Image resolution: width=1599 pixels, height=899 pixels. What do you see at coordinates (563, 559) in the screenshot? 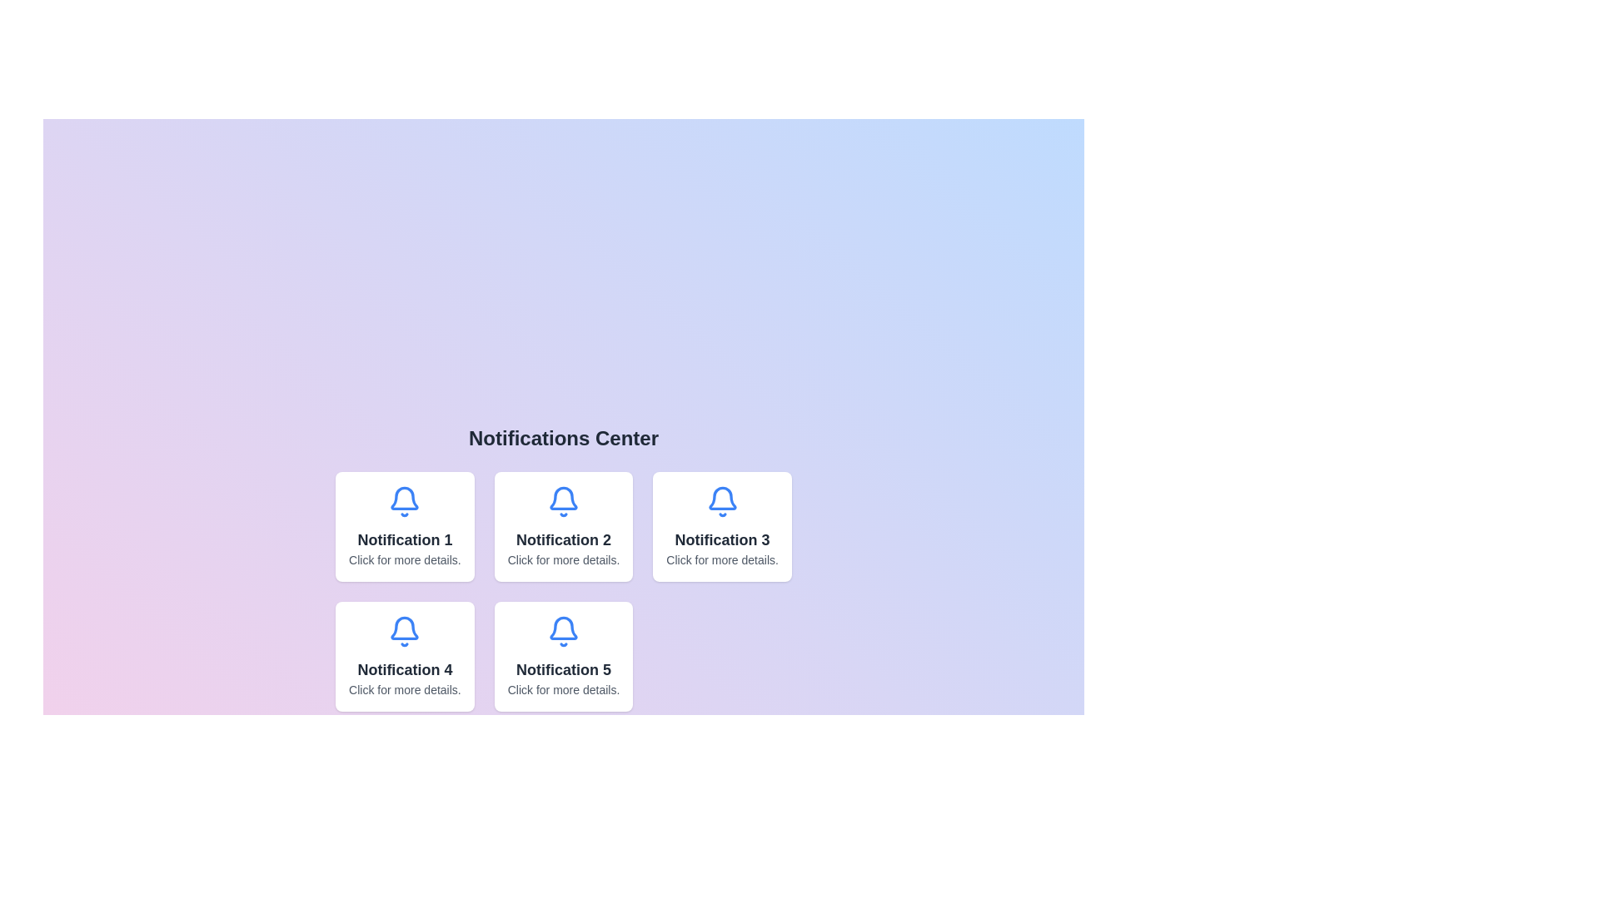
I see `the Text Label displaying 'Click for more details.'` at bounding box center [563, 559].